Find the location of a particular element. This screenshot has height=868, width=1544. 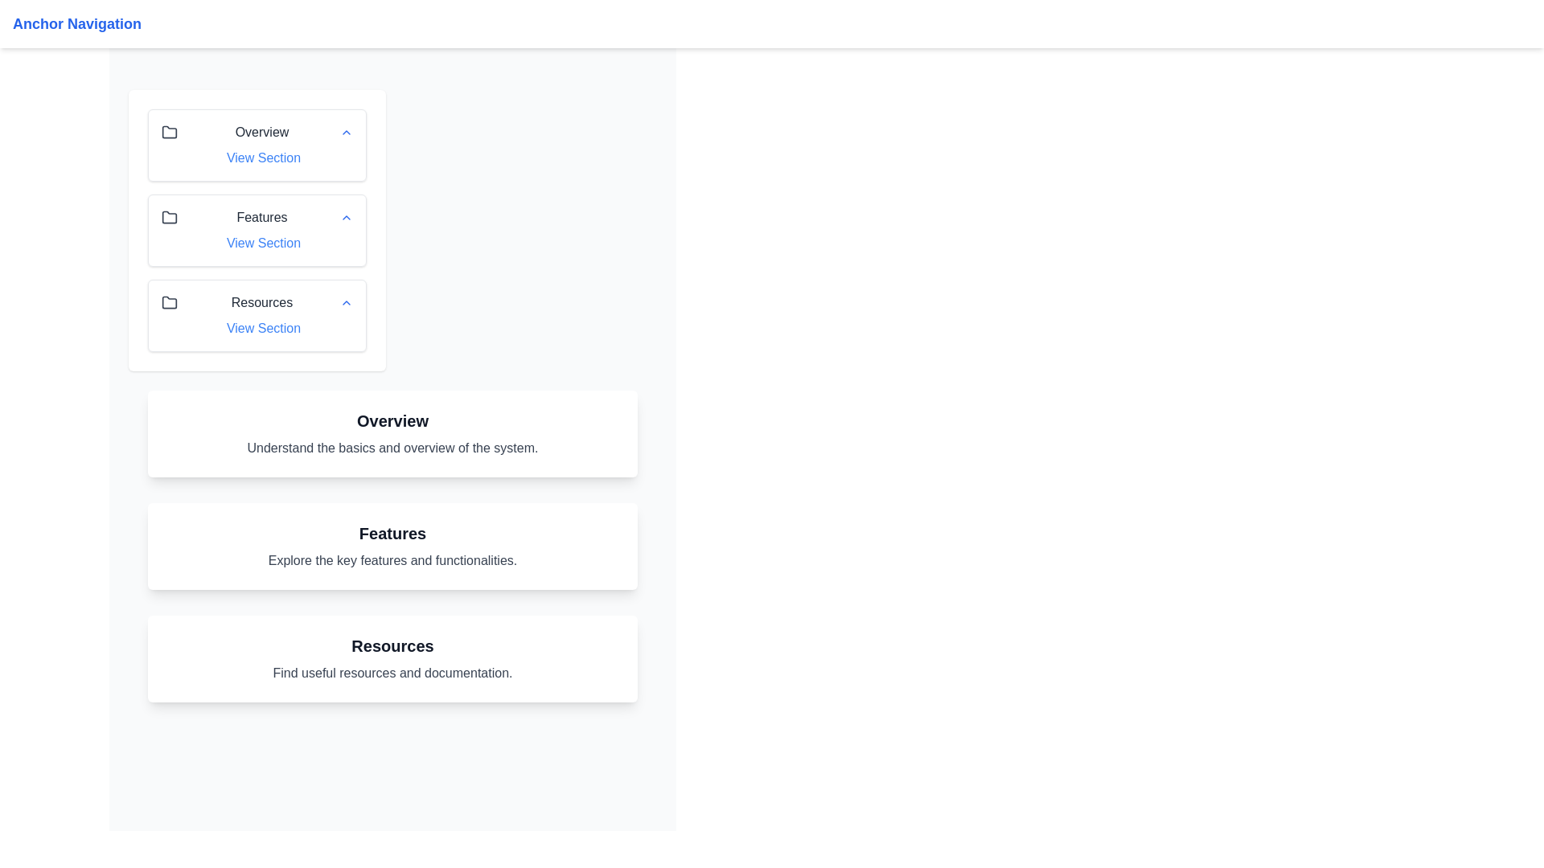

the 'Resources' section of the Informational block, which is the third section stacked vertically beneath 'Features' and above the footer is located at coordinates (392, 659).